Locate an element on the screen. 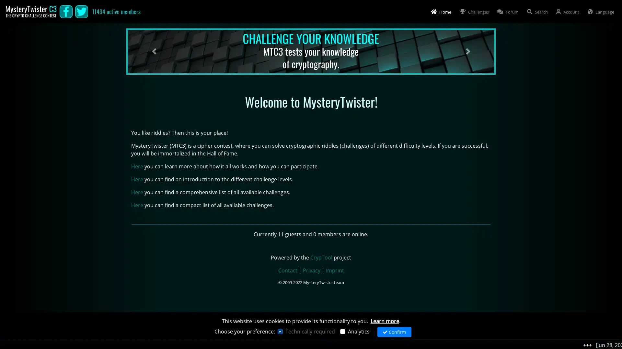 This screenshot has width=622, height=349. Confirm is located at coordinates (394, 332).